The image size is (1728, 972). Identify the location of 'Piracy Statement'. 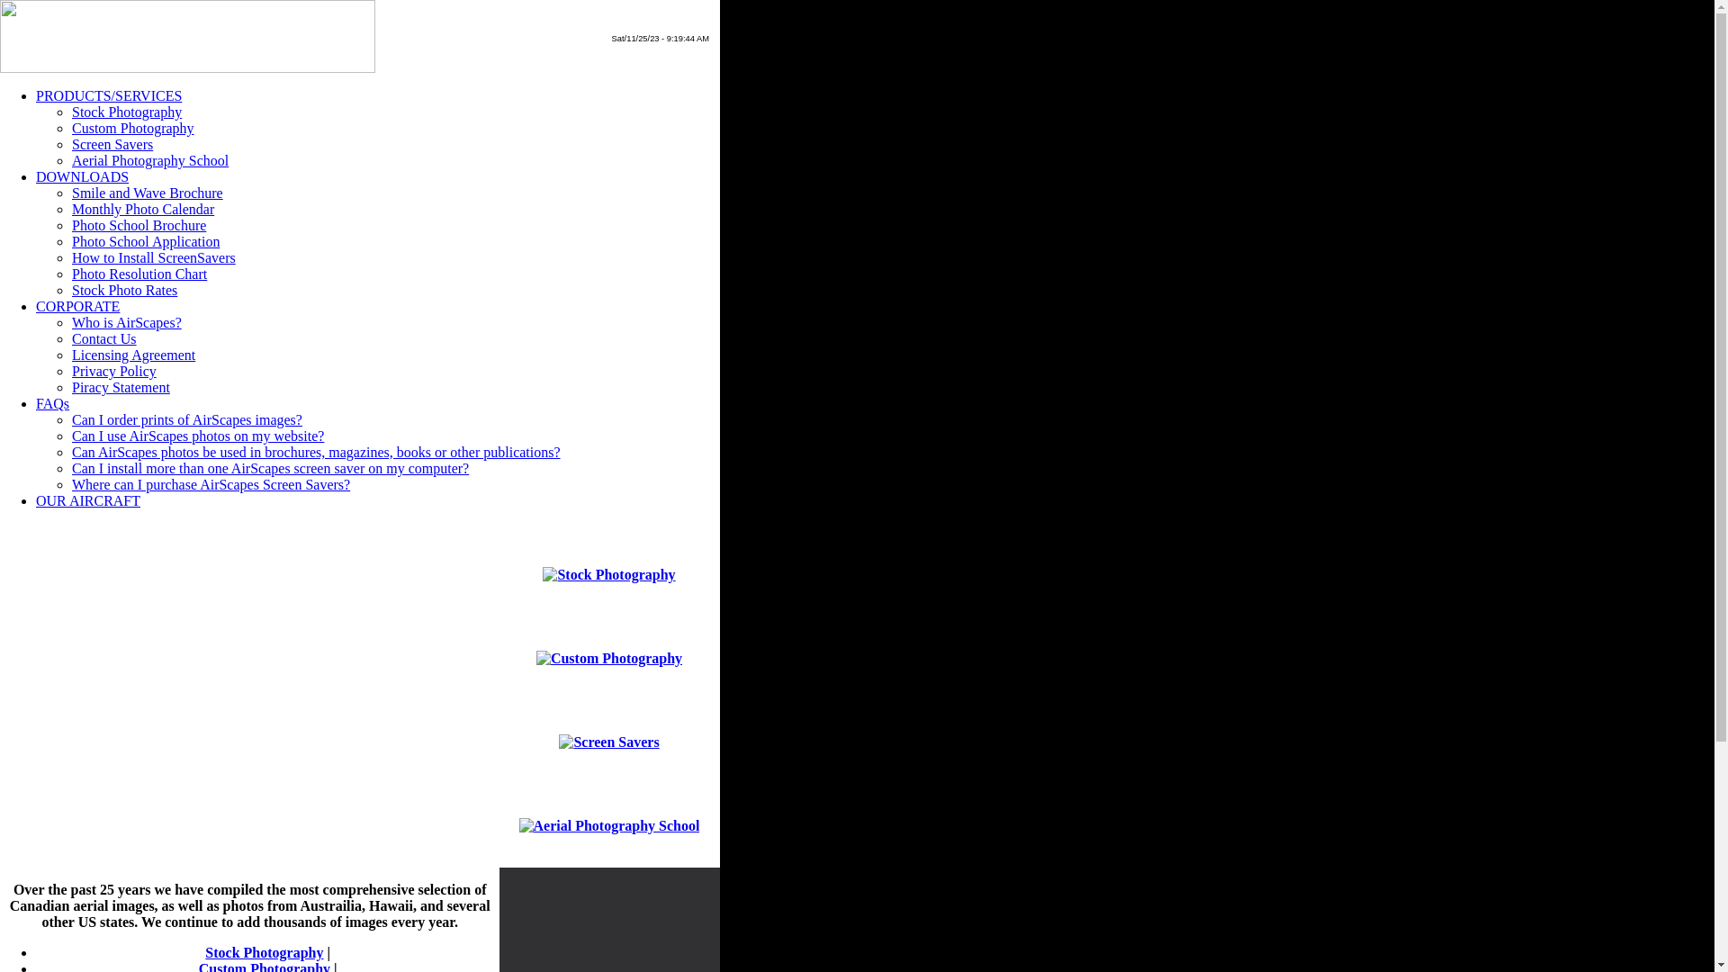
(120, 386).